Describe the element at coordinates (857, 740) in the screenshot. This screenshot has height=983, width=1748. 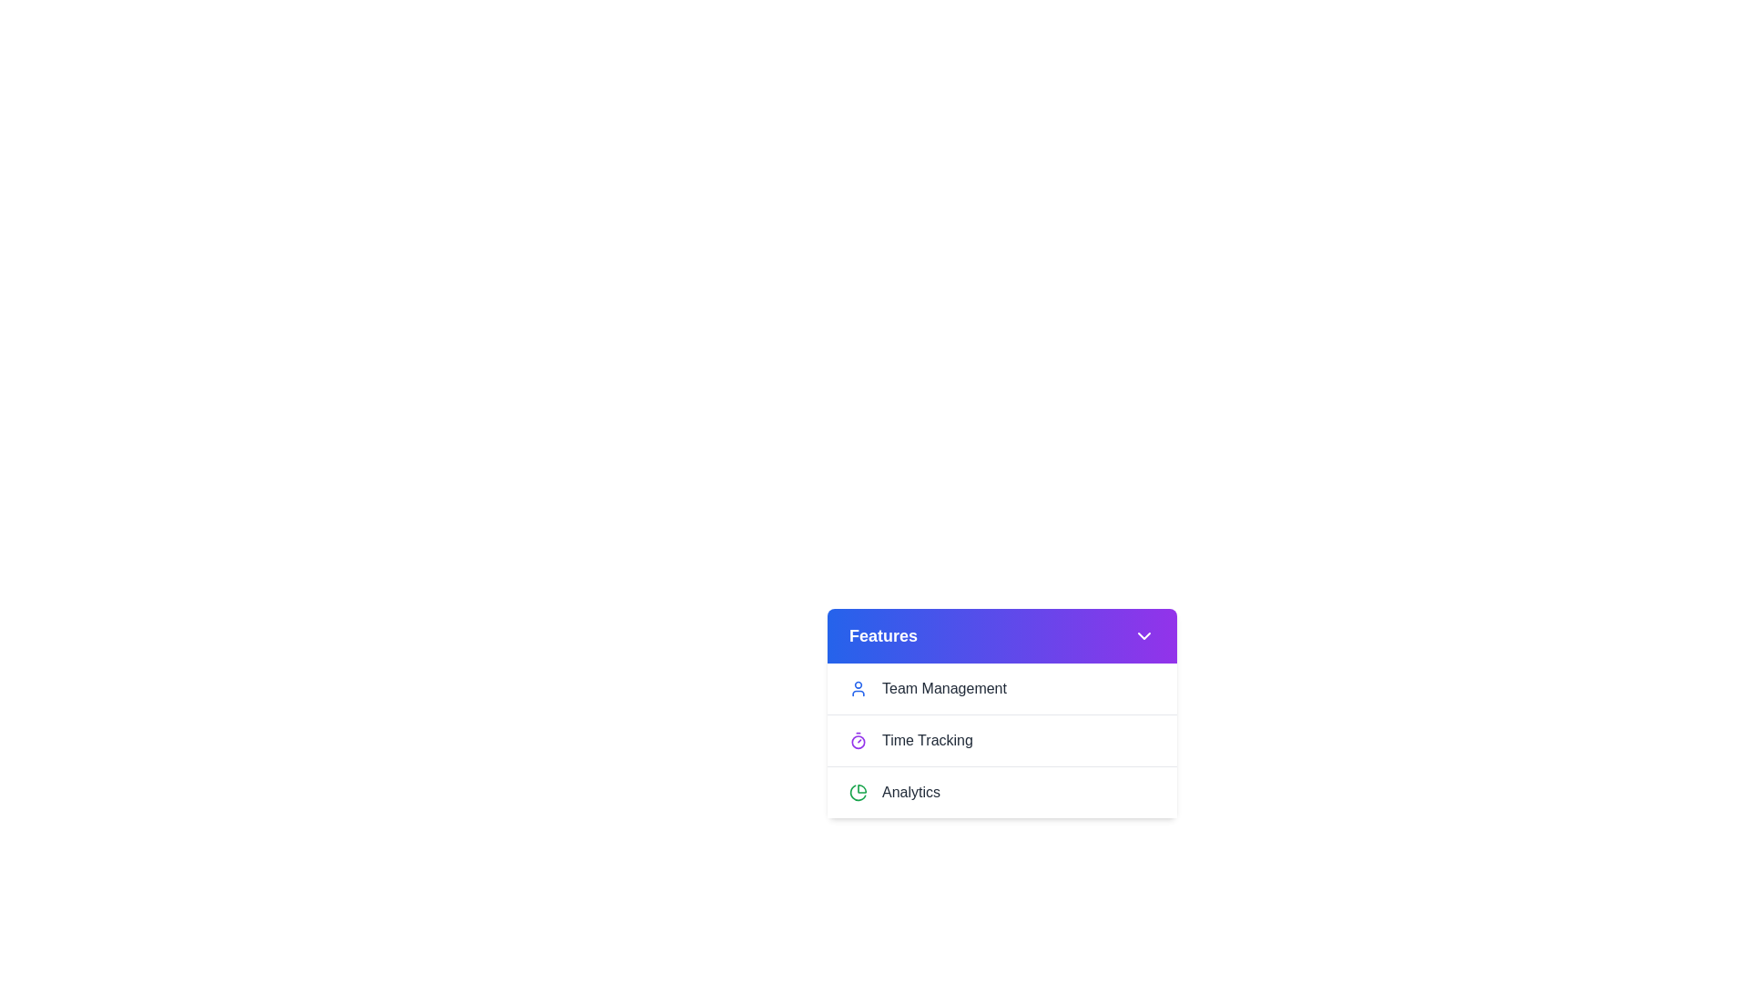
I see `the icon next to Time Tracking to interact with it` at that location.